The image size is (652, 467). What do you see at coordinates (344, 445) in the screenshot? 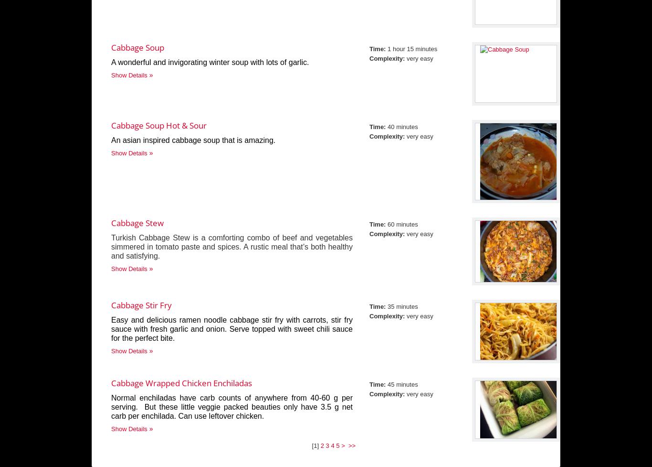
I see `'>'` at bounding box center [344, 445].